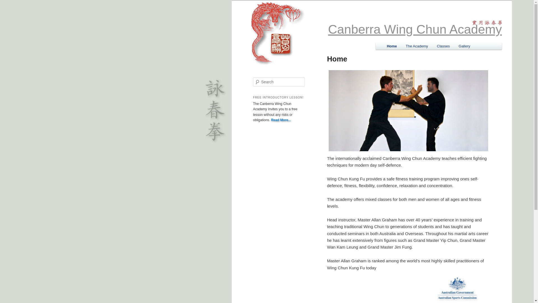 The height and width of the screenshot is (303, 538). Describe the element at coordinates (412, 46) in the screenshot. I see `'Skip to primary content'` at that location.